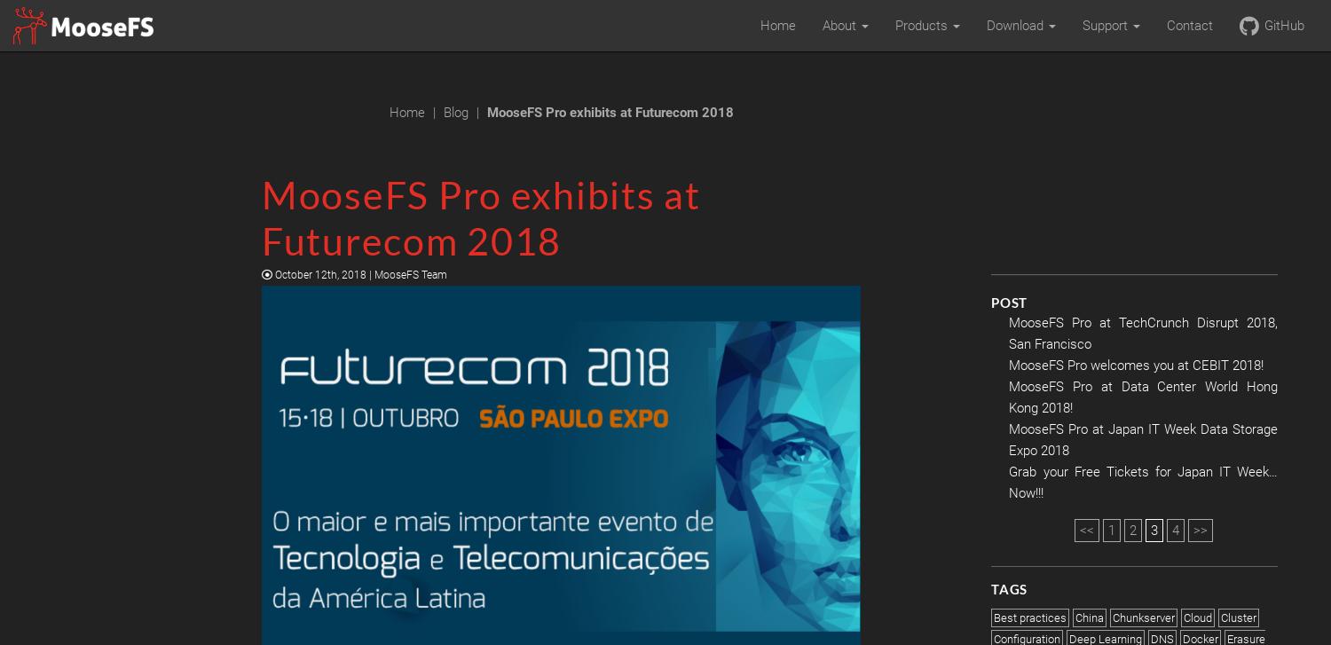 The width and height of the screenshot is (1331, 645). What do you see at coordinates (1143, 396) in the screenshot?
I see `'MooseFS Pro at Data Center World Hong Kong 2018!'` at bounding box center [1143, 396].